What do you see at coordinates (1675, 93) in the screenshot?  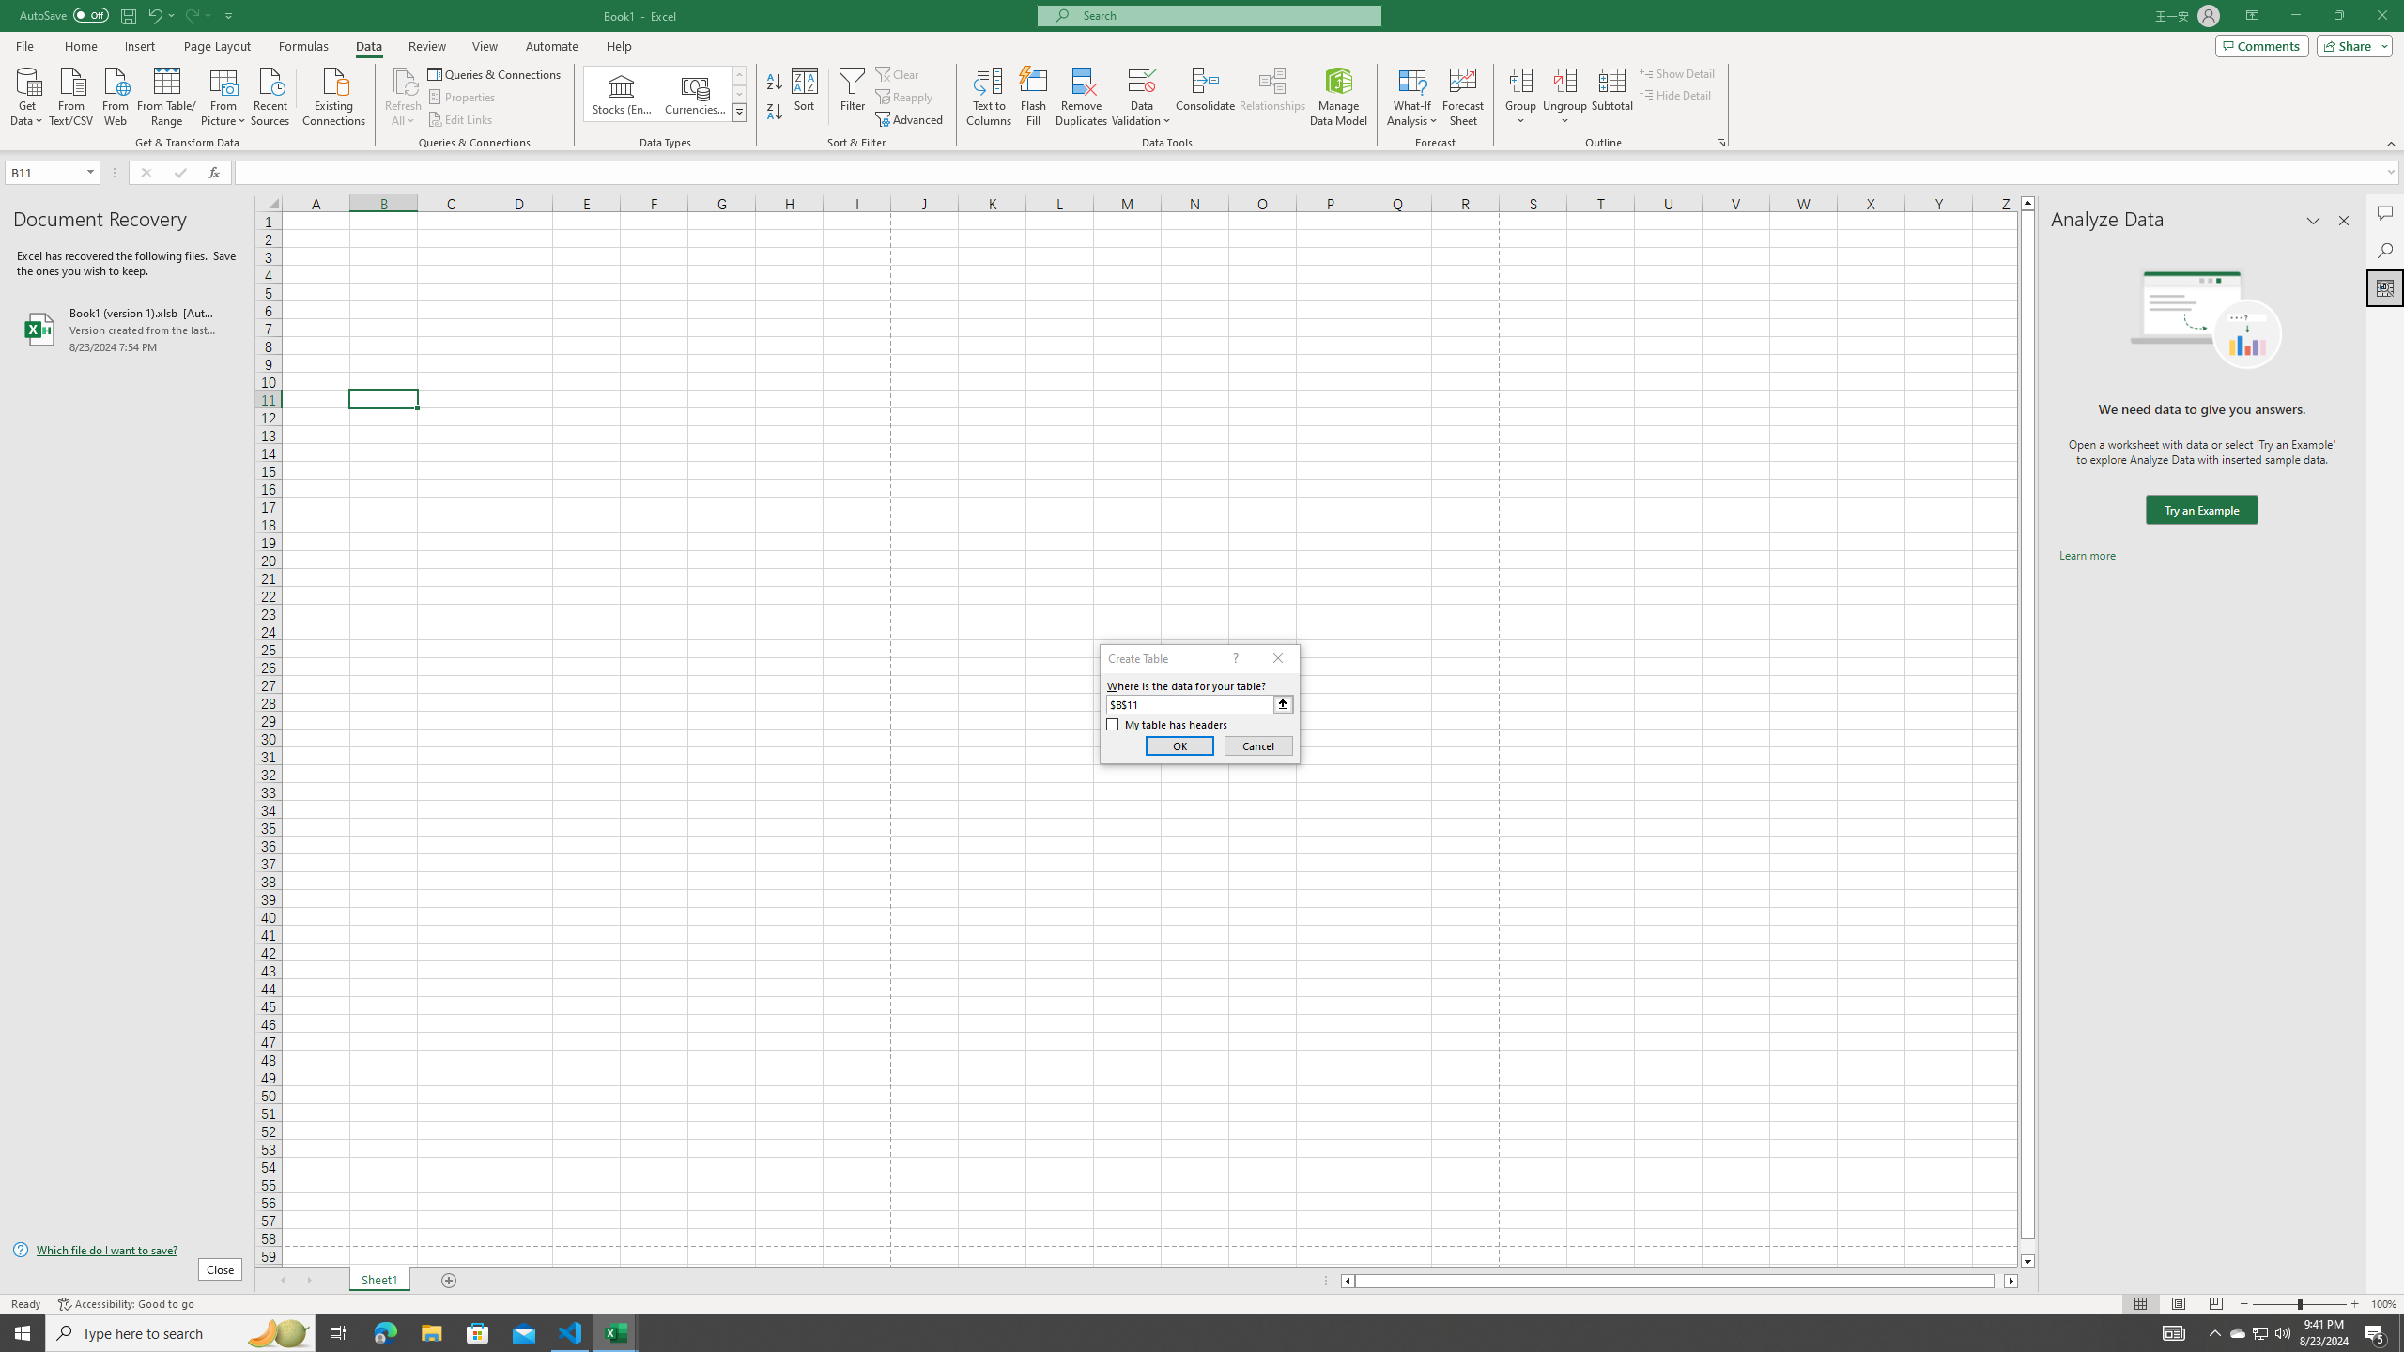 I see `'Hide Detail'` at bounding box center [1675, 93].